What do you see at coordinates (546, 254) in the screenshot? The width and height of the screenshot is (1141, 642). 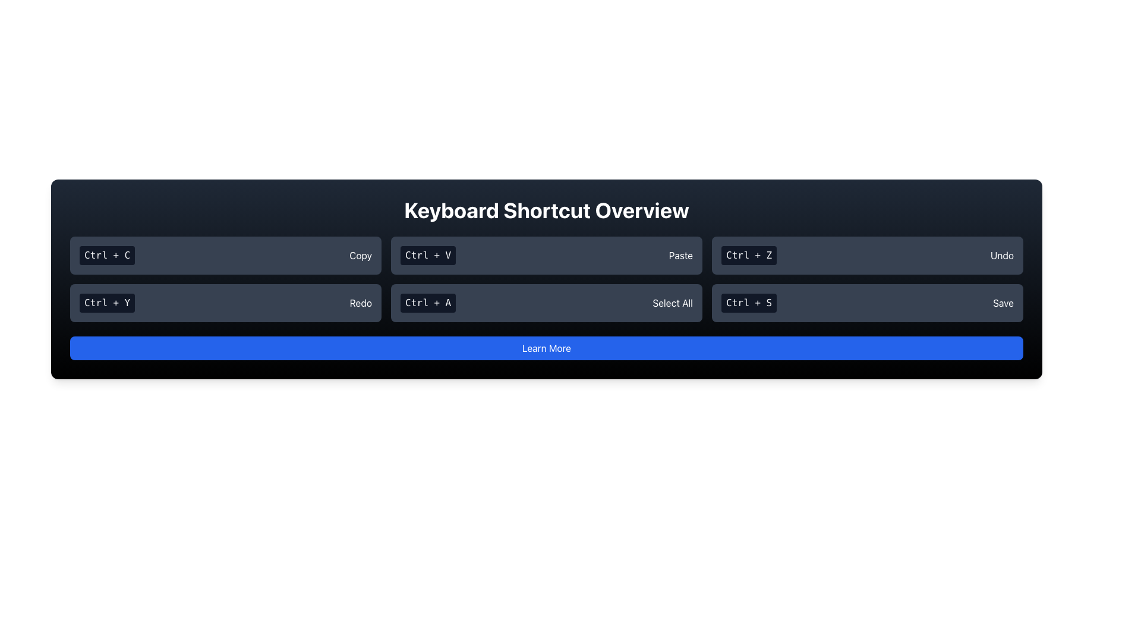 I see `the rectangular gray button labeled 'Ctrl + V' and 'Paste', positioned between the 'Copy' and 'Undo' buttons` at bounding box center [546, 254].